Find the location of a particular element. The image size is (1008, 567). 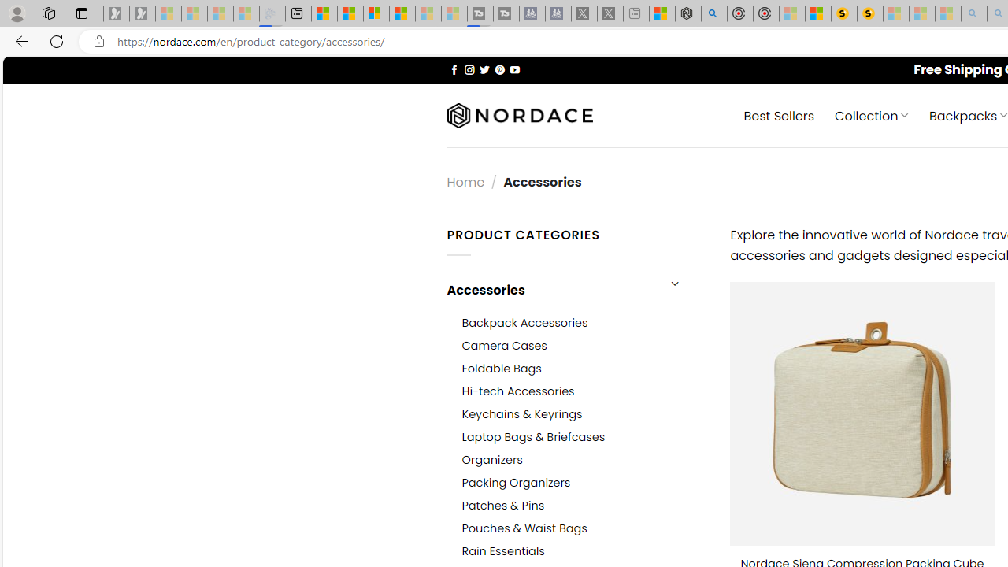

'Patches & Pins' is located at coordinates (502, 506).